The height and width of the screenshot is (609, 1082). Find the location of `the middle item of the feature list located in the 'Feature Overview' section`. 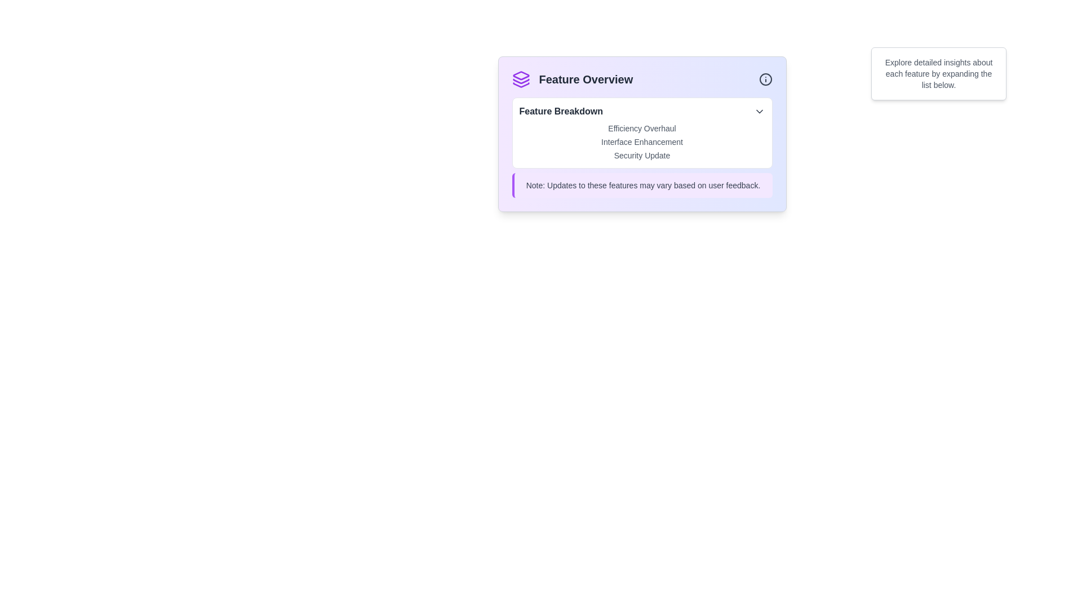

the middle item of the feature list located in the 'Feature Overview' section is located at coordinates (642, 147).